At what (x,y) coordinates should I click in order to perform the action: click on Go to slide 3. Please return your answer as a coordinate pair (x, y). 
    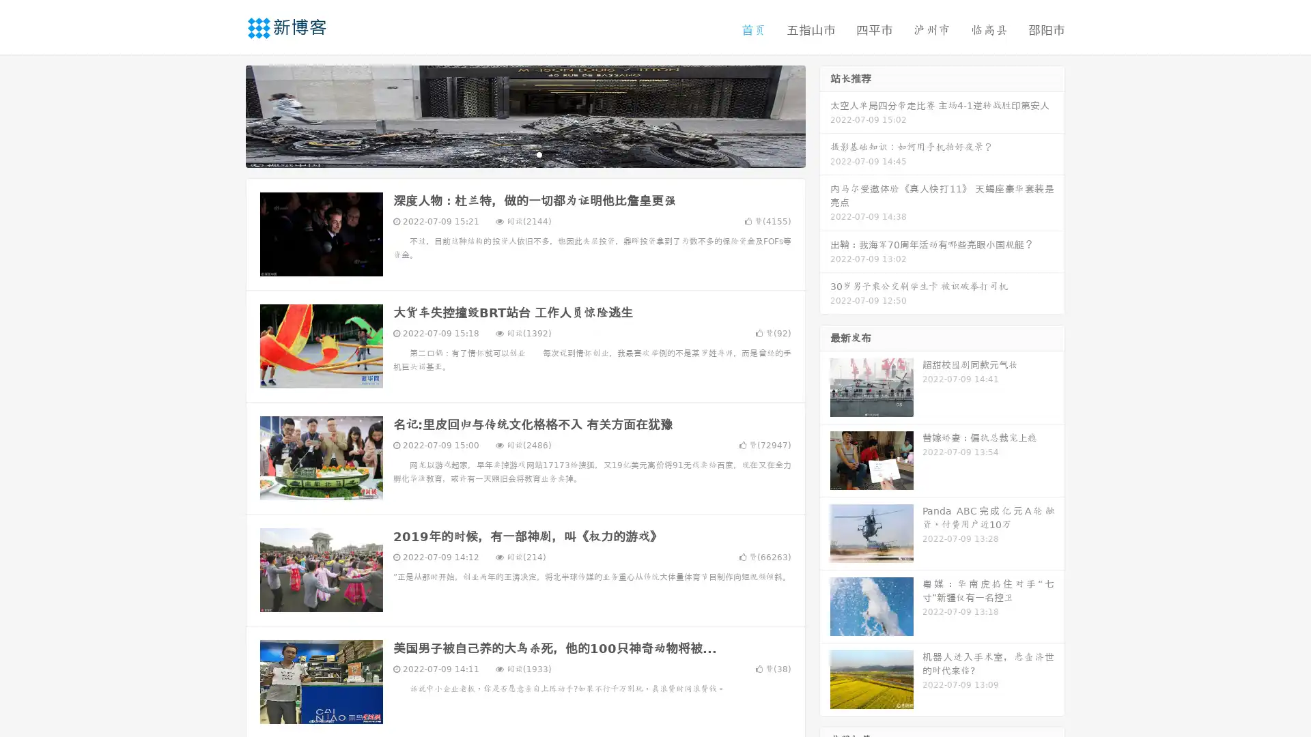
    Looking at the image, I should click on (539, 154).